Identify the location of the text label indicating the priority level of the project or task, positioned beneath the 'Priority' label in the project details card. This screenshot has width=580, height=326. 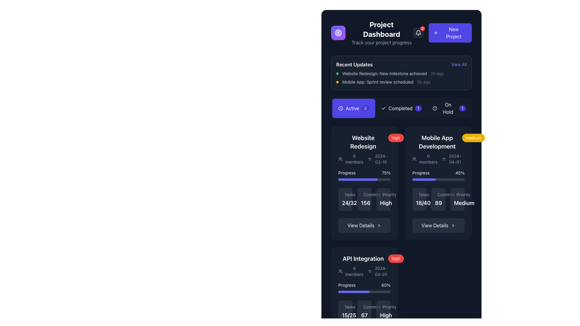
(385, 203).